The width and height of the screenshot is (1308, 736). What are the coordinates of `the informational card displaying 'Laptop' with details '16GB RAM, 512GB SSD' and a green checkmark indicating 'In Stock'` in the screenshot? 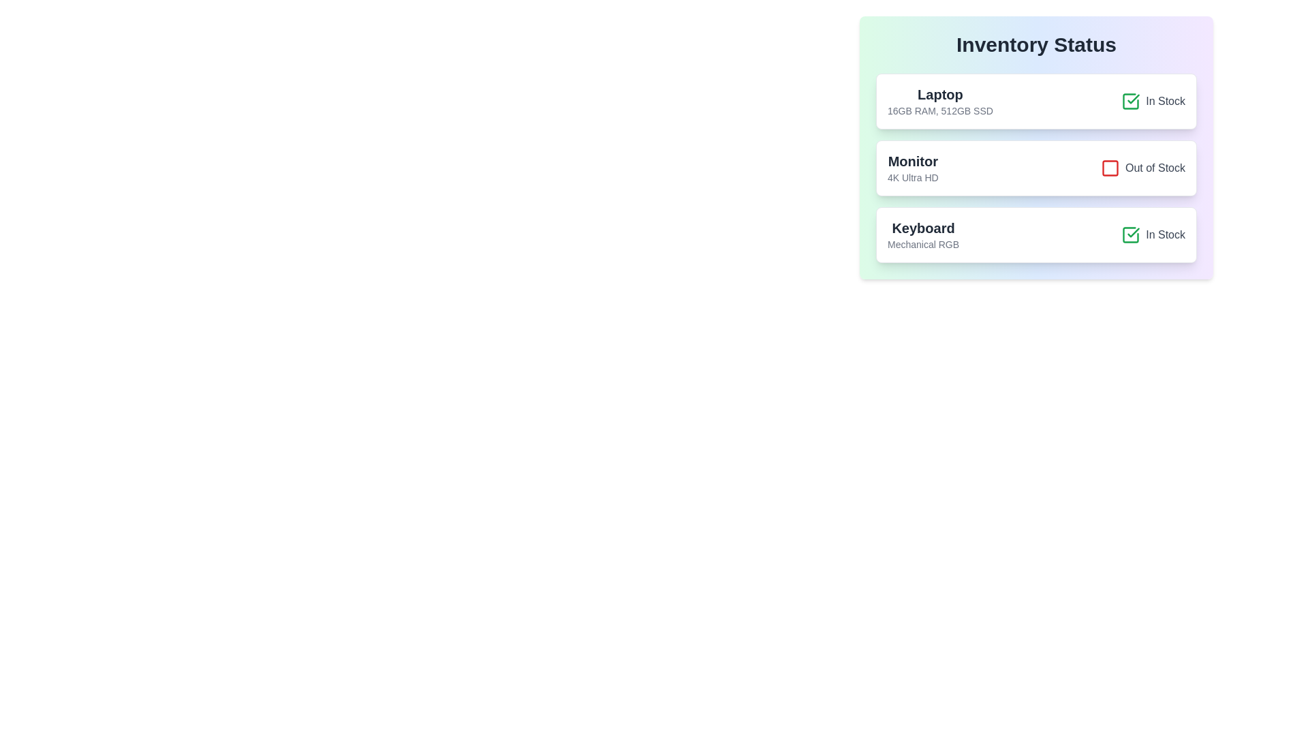 It's located at (1035, 101).